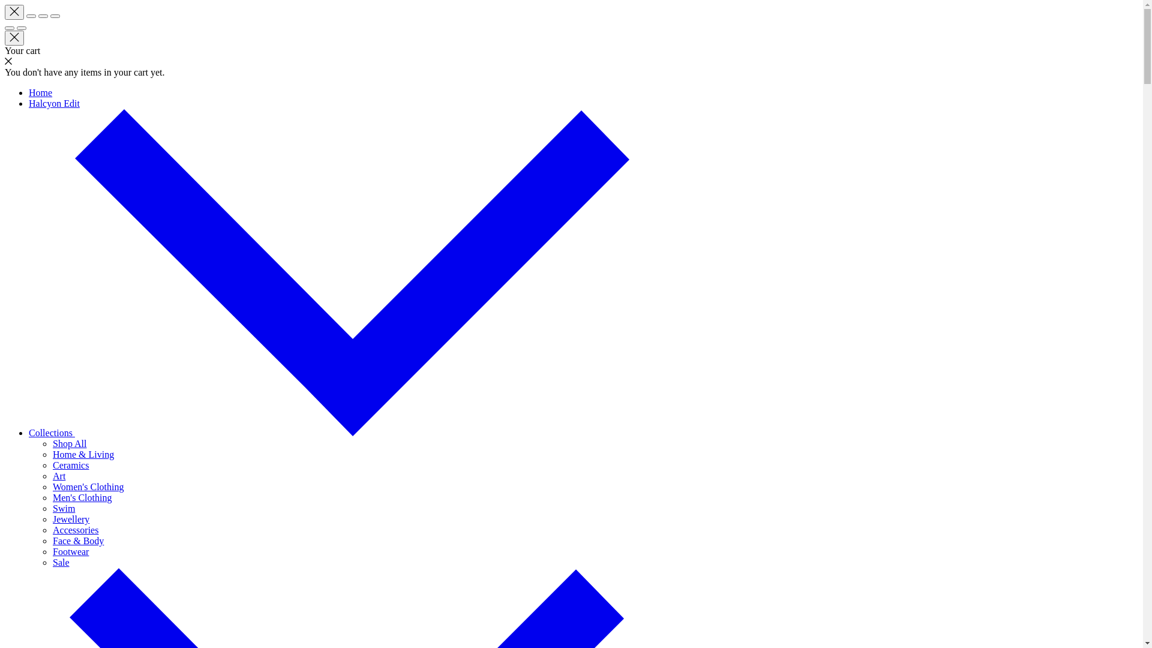 The width and height of the screenshot is (1152, 648). What do you see at coordinates (43, 16) in the screenshot?
I see `'Toggle fullscreen'` at bounding box center [43, 16].